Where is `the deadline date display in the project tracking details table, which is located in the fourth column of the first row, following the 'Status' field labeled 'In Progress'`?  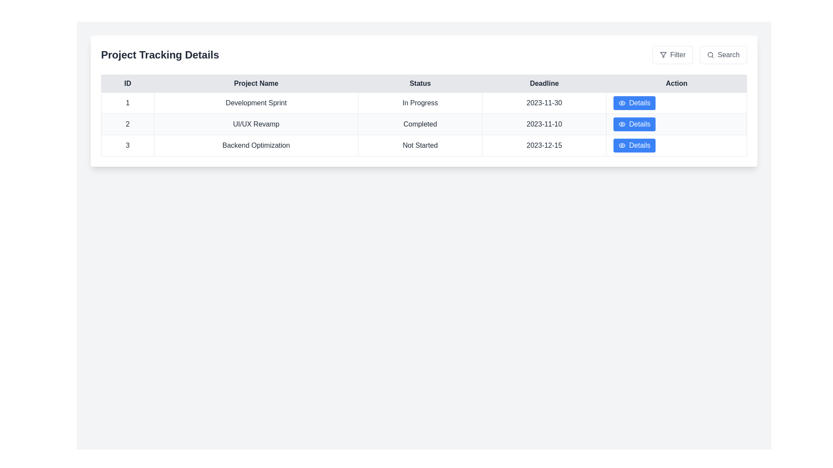
the deadline date display in the project tracking details table, which is located in the fourth column of the first row, following the 'Status' field labeled 'In Progress' is located at coordinates (544, 103).